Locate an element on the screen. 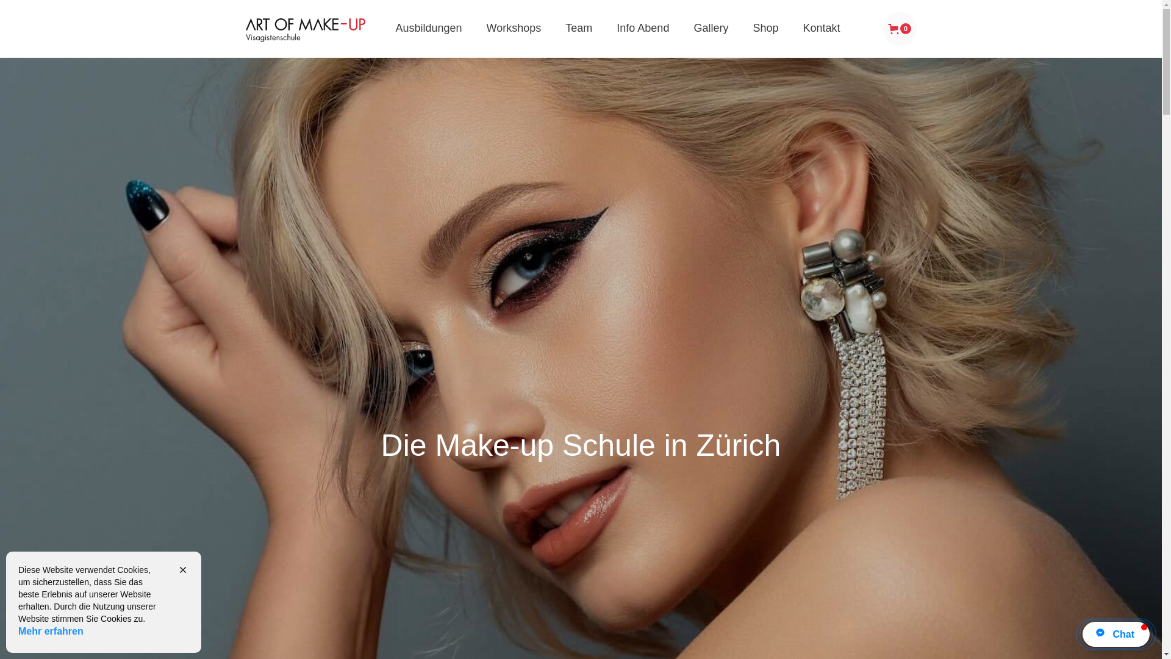  'Mehr erfahren' is located at coordinates (50, 631).